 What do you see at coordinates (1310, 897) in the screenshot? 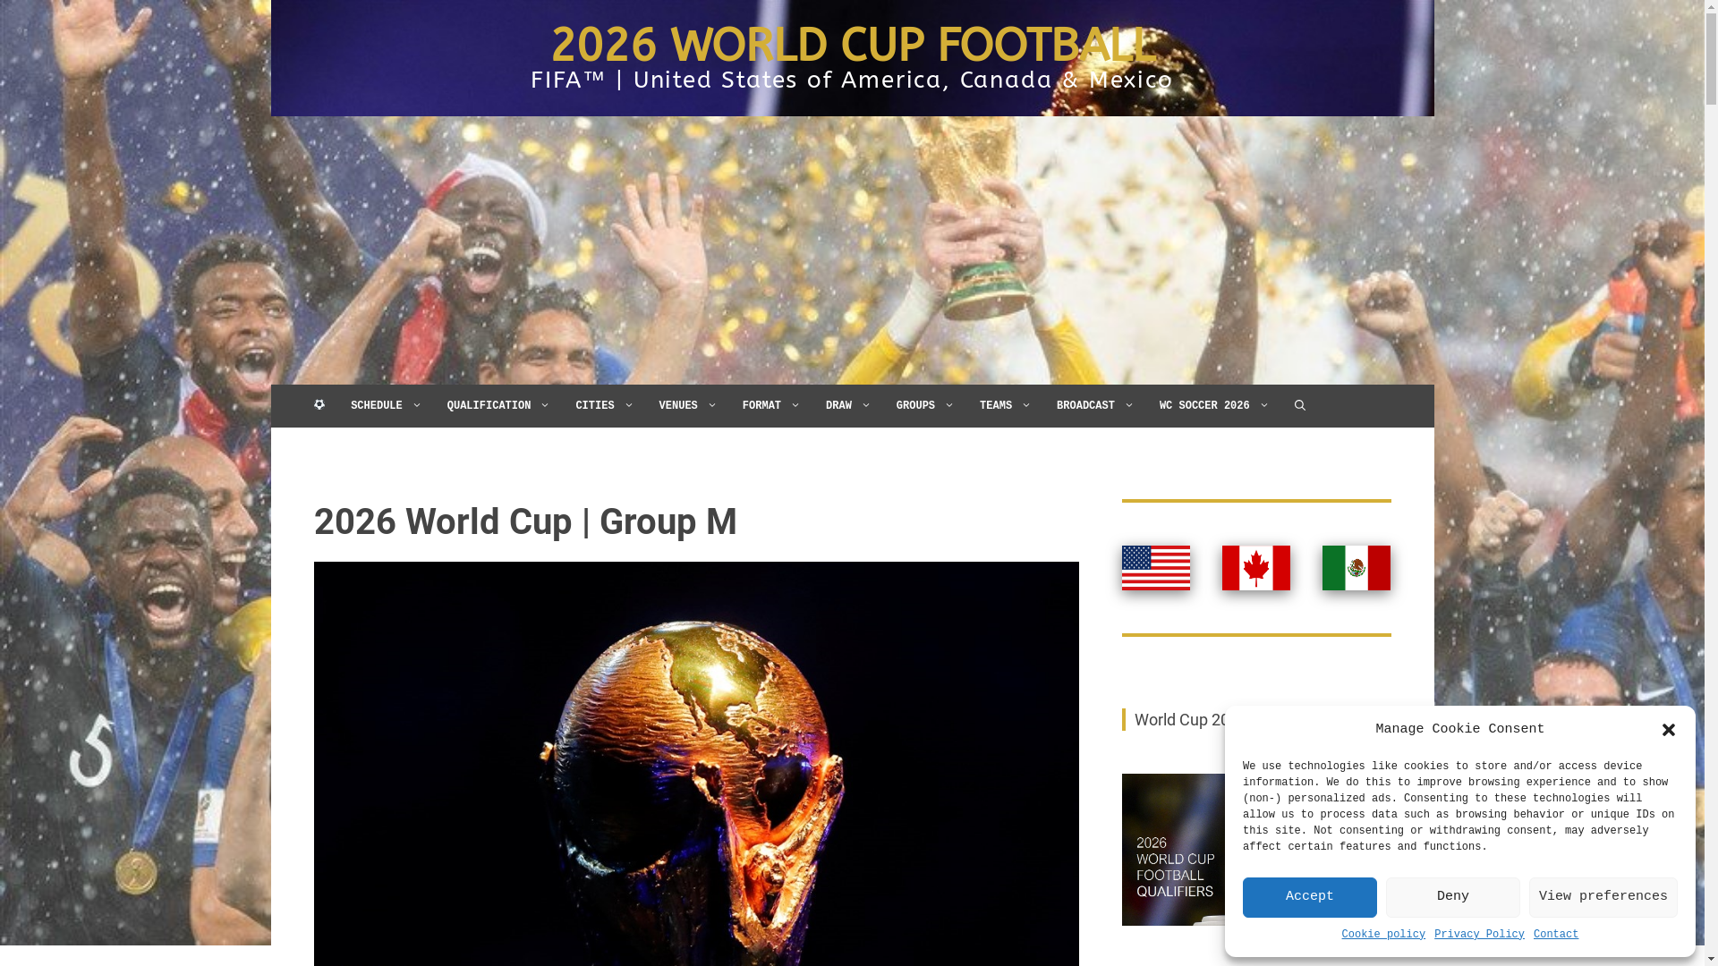
I see `'Accept'` at bounding box center [1310, 897].